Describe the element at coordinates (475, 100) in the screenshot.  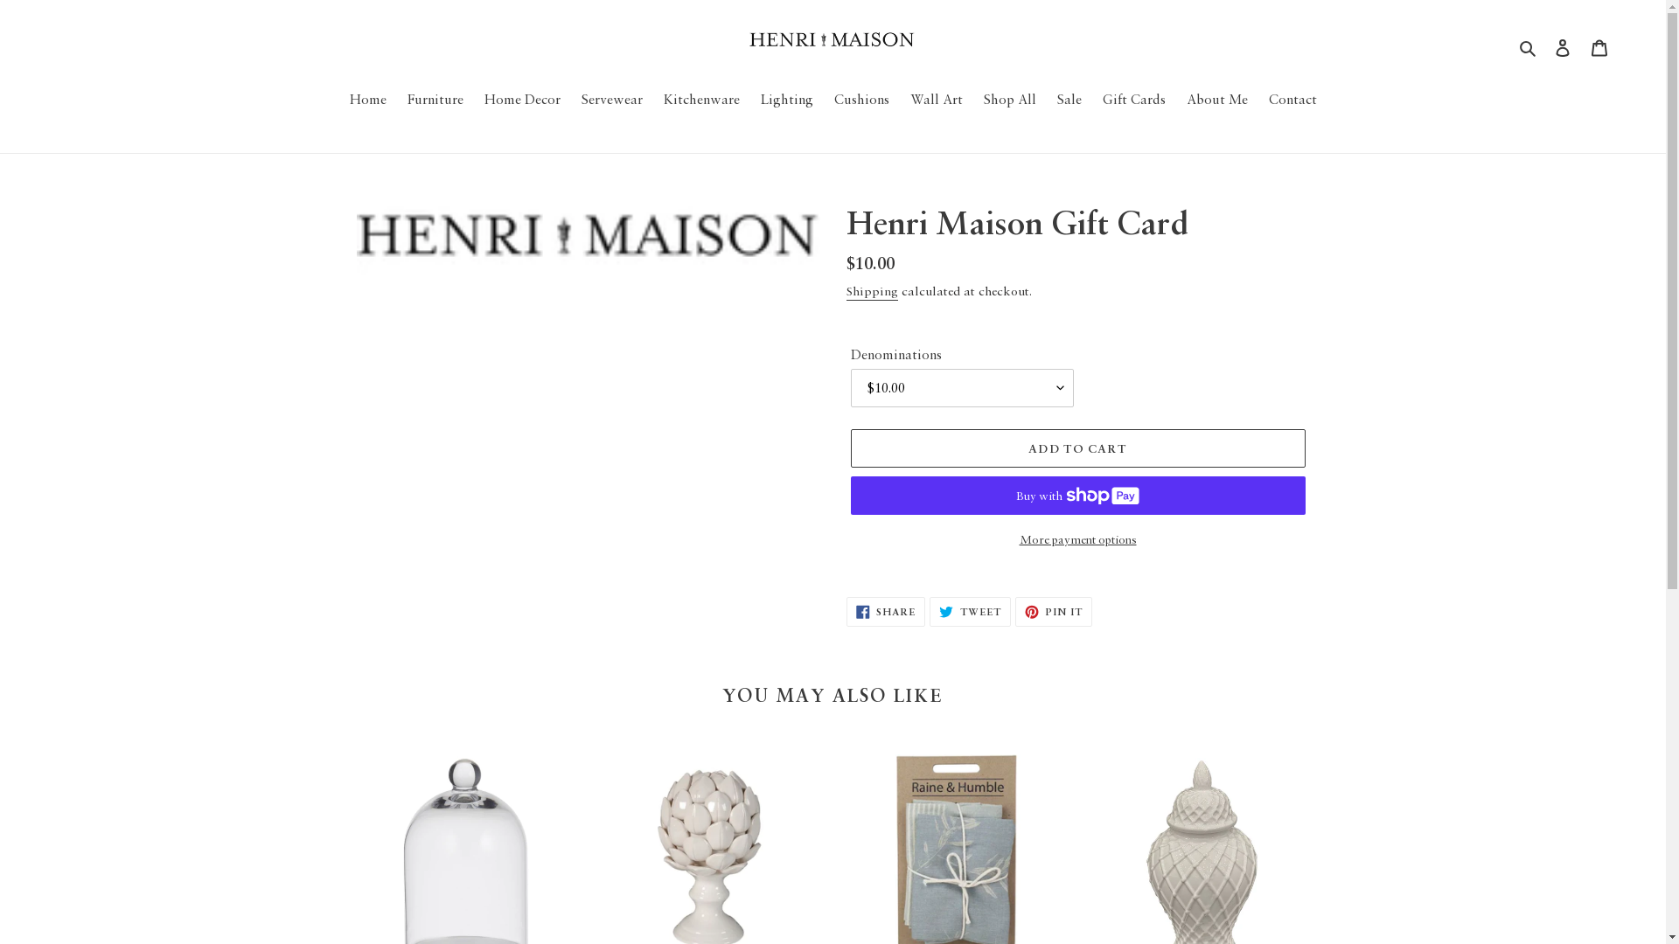
I see `'Home Decor'` at that location.